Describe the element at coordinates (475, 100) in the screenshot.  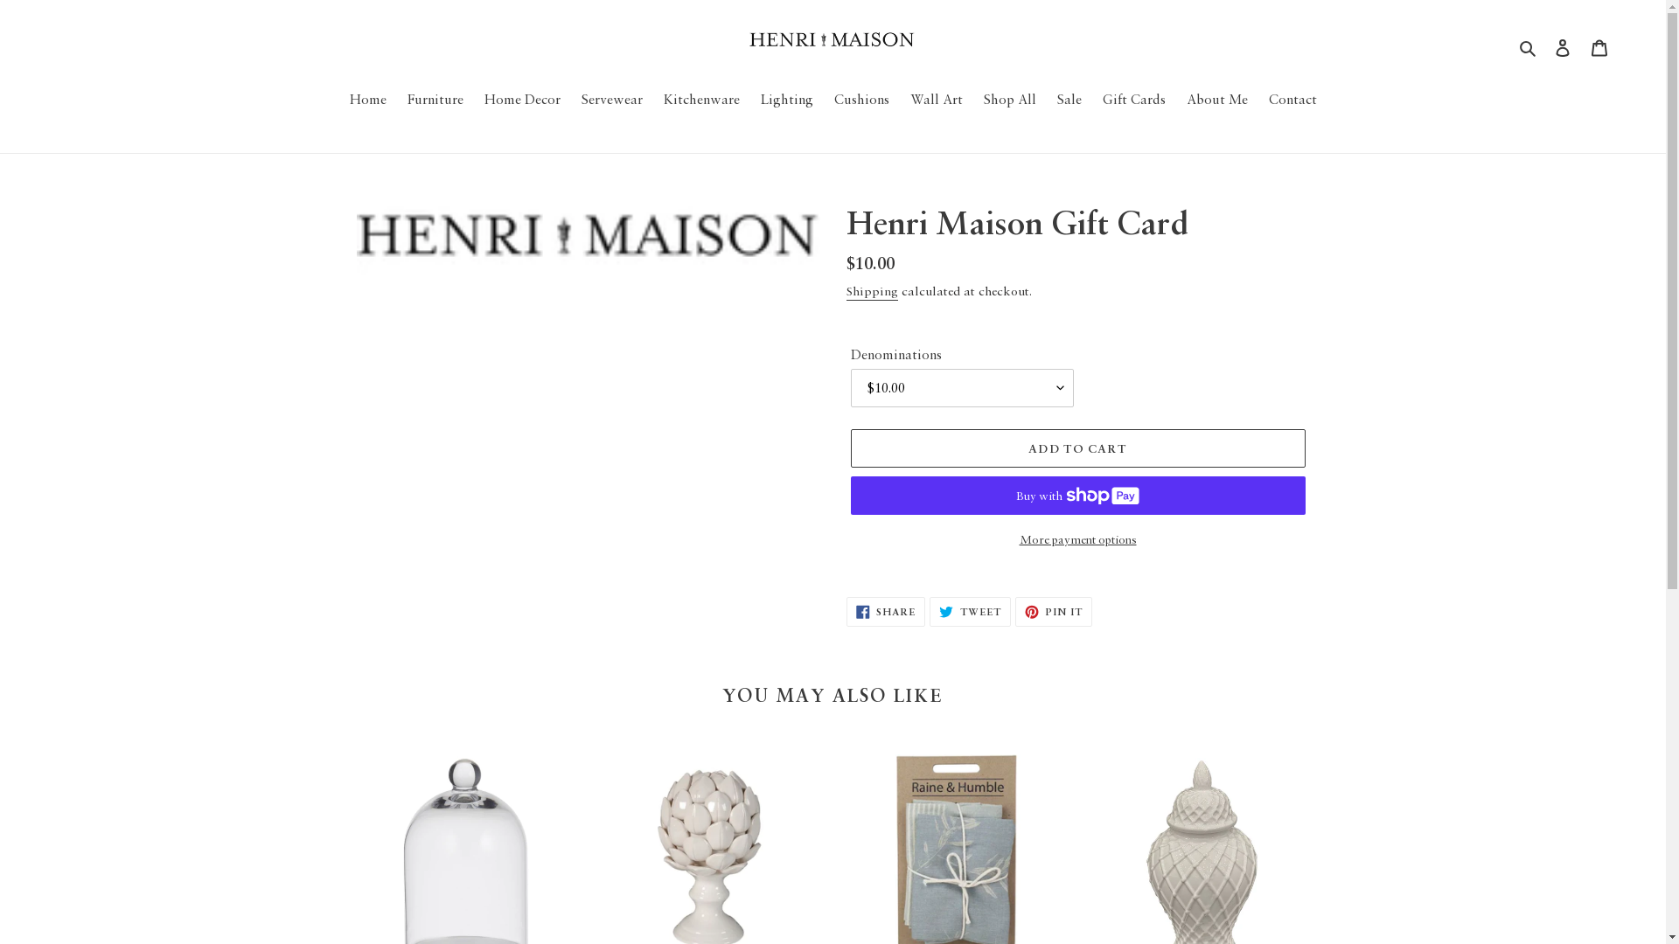
I see `'Home Decor'` at that location.